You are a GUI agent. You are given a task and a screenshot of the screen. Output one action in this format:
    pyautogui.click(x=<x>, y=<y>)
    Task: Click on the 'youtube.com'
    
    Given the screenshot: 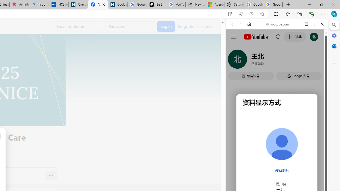 What is the action you would take?
    pyautogui.click(x=278, y=24)
    